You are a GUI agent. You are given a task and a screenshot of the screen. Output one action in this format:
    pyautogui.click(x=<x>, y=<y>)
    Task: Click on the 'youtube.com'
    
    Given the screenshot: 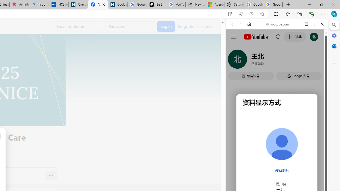 What is the action you would take?
    pyautogui.click(x=278, y=24)
    